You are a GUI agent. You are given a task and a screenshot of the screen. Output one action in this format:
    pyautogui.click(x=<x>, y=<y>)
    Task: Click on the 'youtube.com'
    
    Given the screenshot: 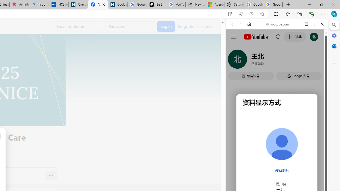 What is the action you would take?
    pyautogui.click(x=278, y=24)
    